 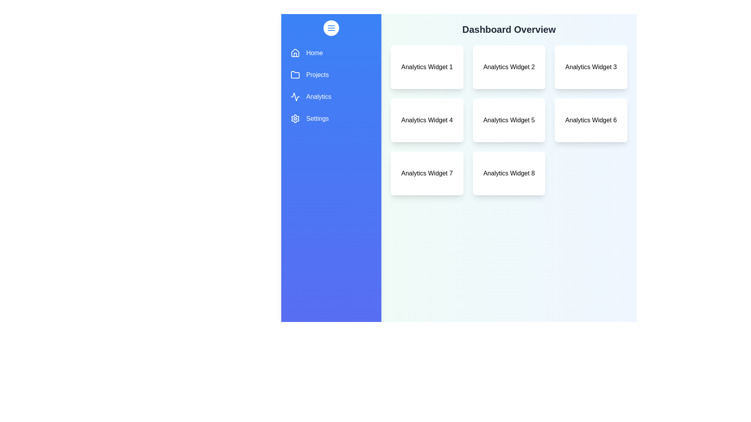 I want to click on the menu item Projects from the drawer menu, so click(x=331, y=75).